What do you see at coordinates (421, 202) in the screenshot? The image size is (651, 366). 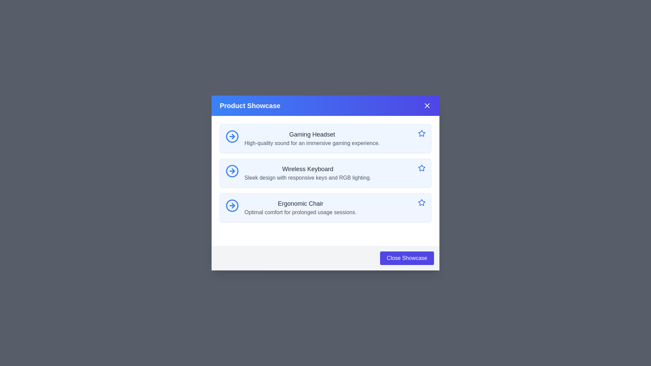 I see `the star button located on the far right of the 'Ergonomic Chair' information tile` at bounding box center [421, 202].